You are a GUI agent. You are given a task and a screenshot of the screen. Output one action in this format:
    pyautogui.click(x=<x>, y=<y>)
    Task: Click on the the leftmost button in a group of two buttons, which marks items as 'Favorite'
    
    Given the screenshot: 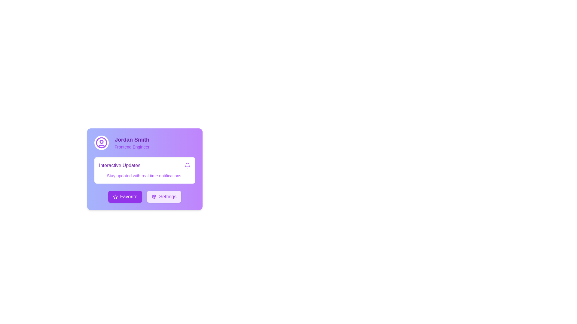 What is the action you would take?
    pyautogui.click(x=125, y=196)
    